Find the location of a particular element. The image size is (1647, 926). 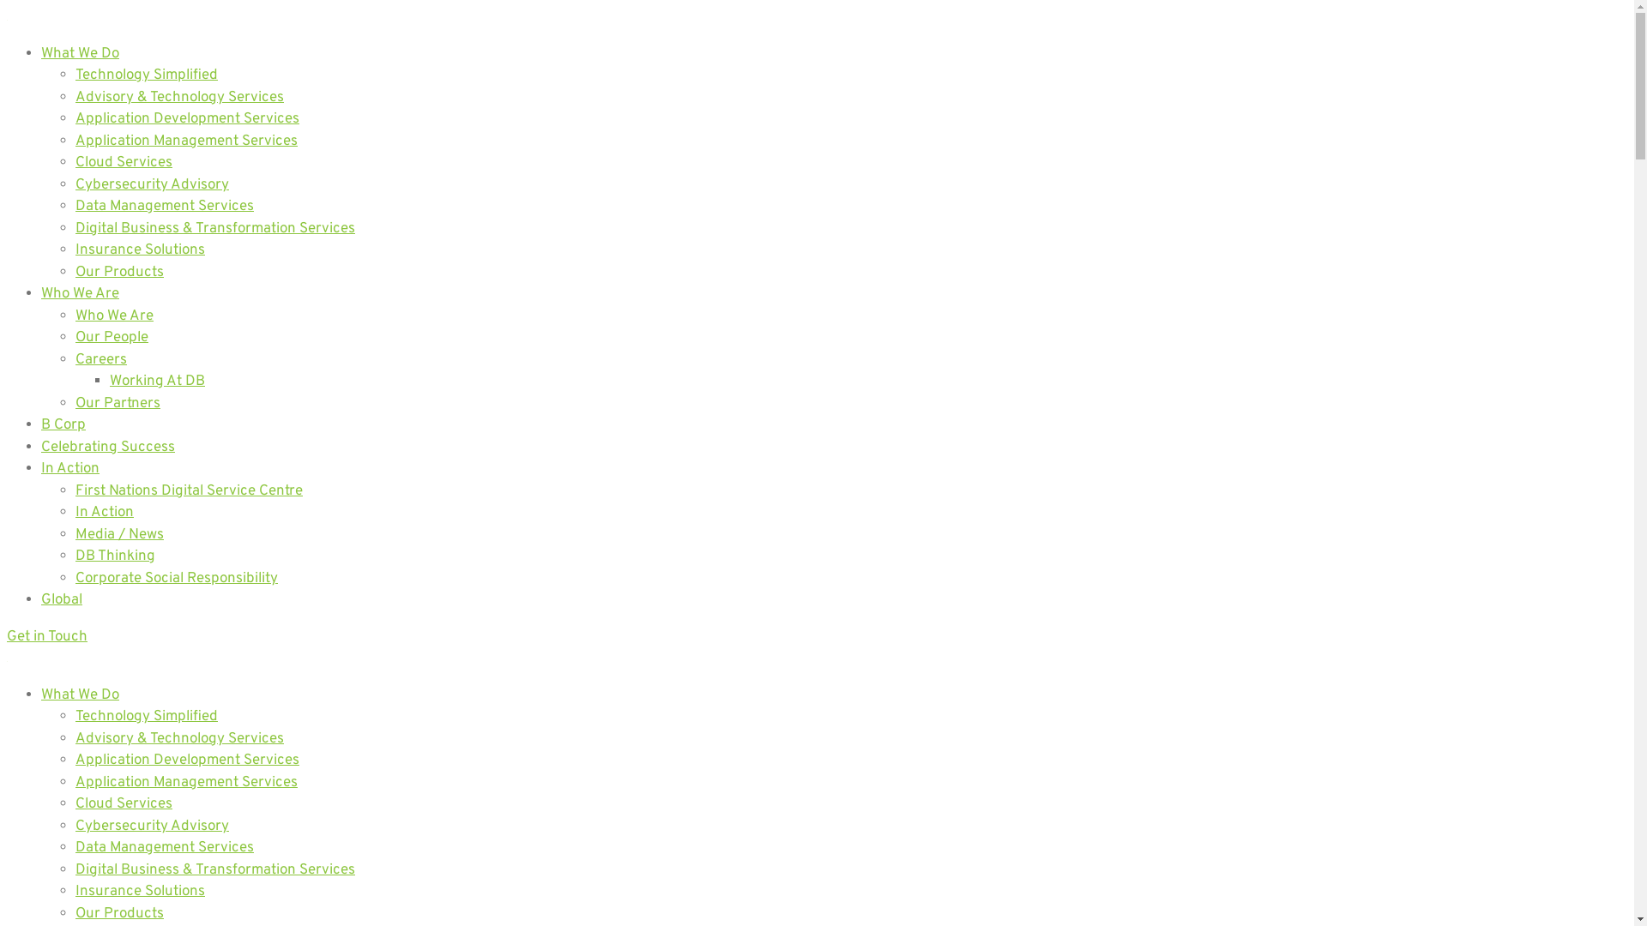

'Media / News' is located at coordinates (118, 533).